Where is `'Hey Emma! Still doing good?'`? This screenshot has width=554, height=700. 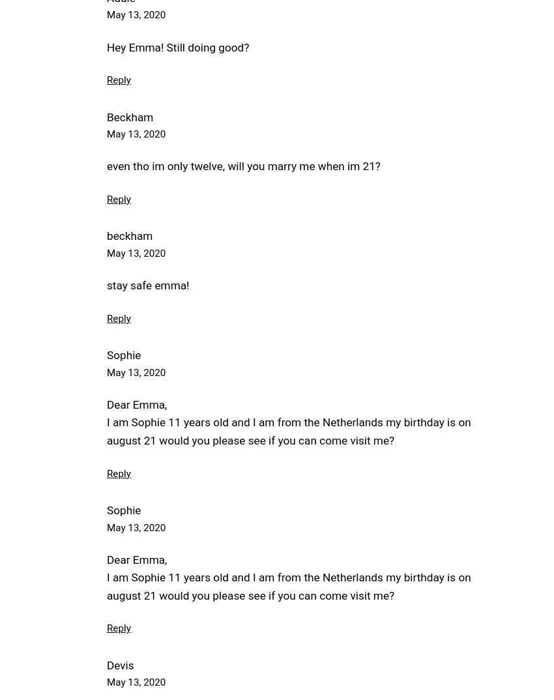
'Hey Emma! Still doing good?' is located at coordinates (106, 46).